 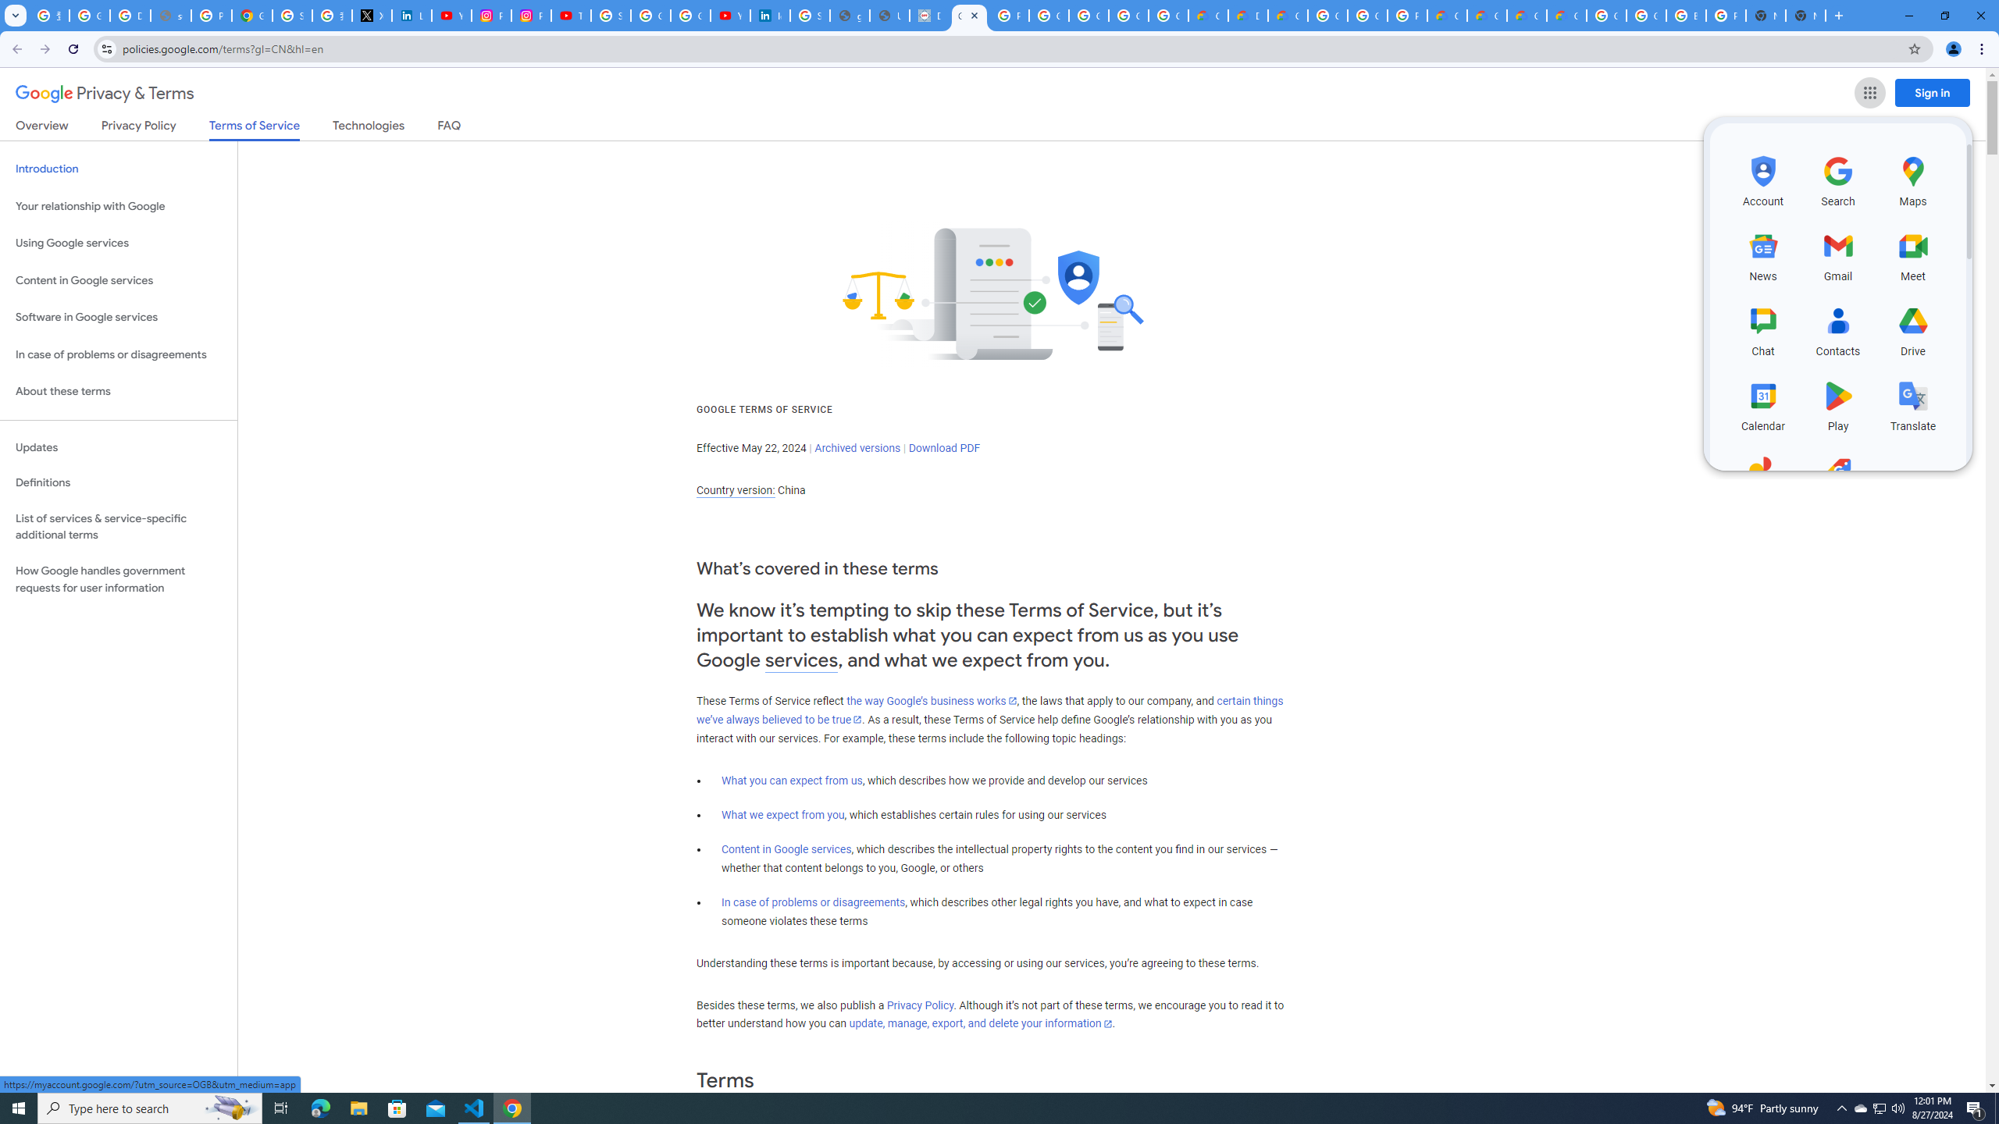 What do you see at coordinates (15, 15) in the screenshot?
I see `'Search tabs'` at bounding box center [15, 15].